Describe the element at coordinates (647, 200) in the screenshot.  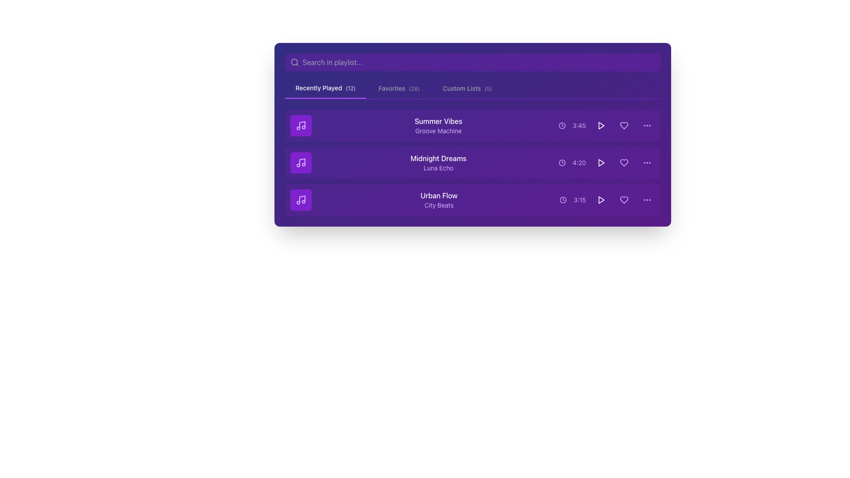
I see `the circular button with three vertically-aligned dots in purple shades, located on the far right of the third row` at that location.